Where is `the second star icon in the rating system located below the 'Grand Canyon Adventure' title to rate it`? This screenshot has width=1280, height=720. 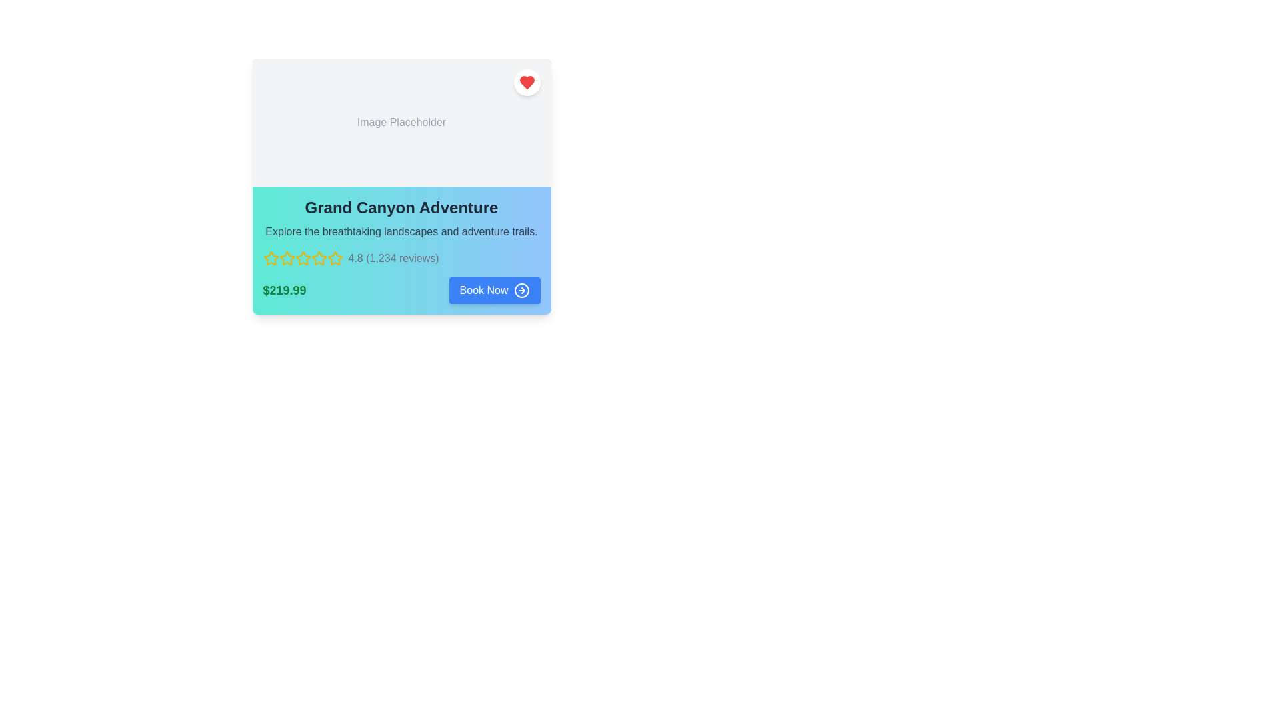 the second star icon in the rating system located below the 'Grand Canyon Adventure' title to rate it is located at coordinates (302, 258).